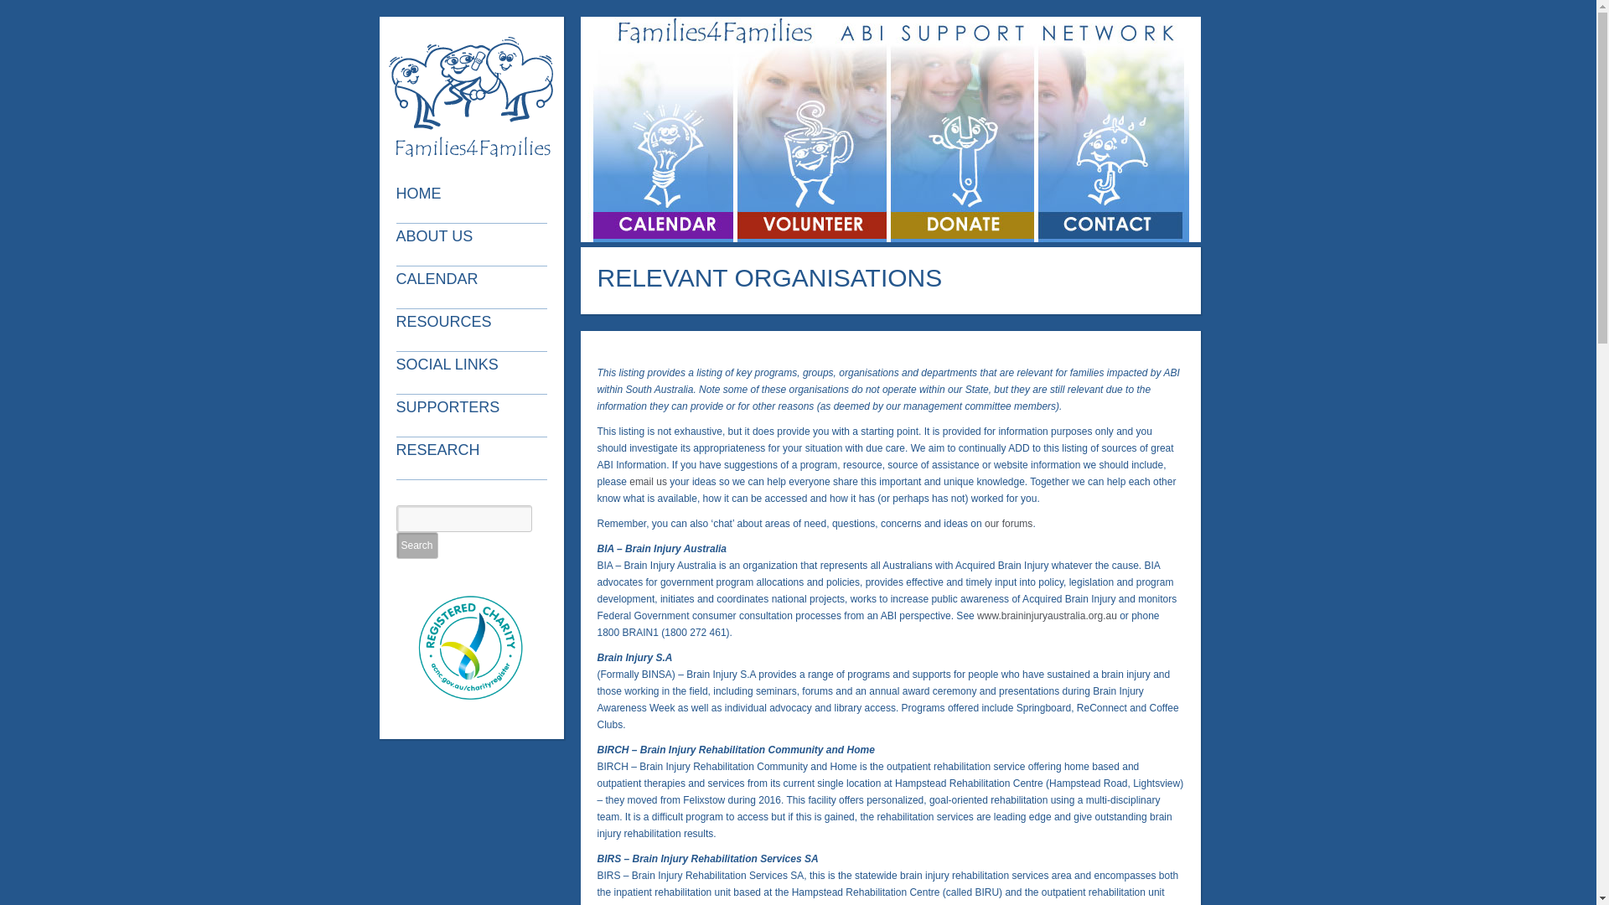 The image size is (1609, 905). Describe the element at coordinates (473, 371) in the screenshot. I see `'SOCIAL LINKS'` at that location.